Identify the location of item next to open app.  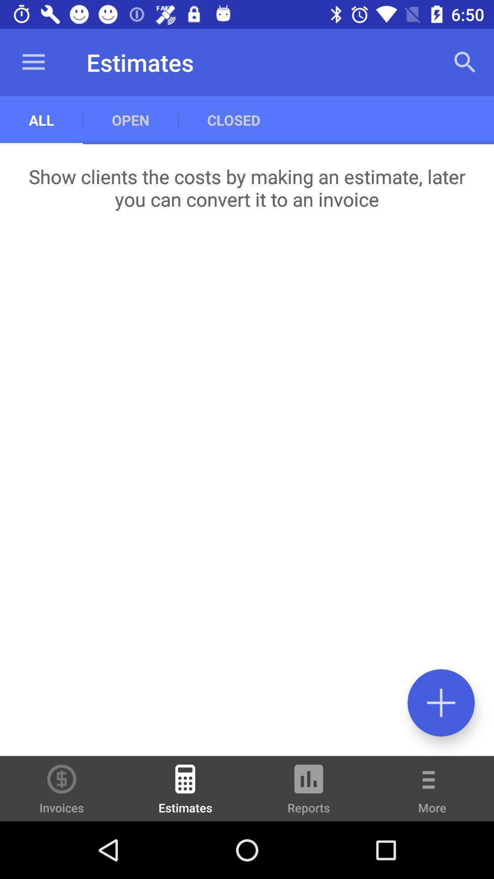
(41, 119).